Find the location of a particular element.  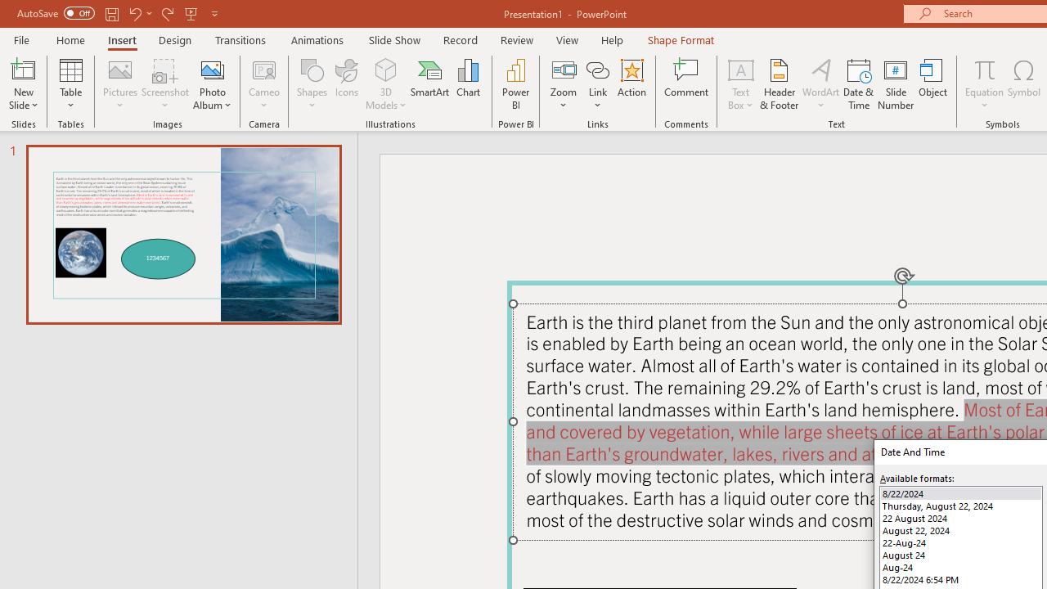

'Chart...' is located at coordinates (467, 84).